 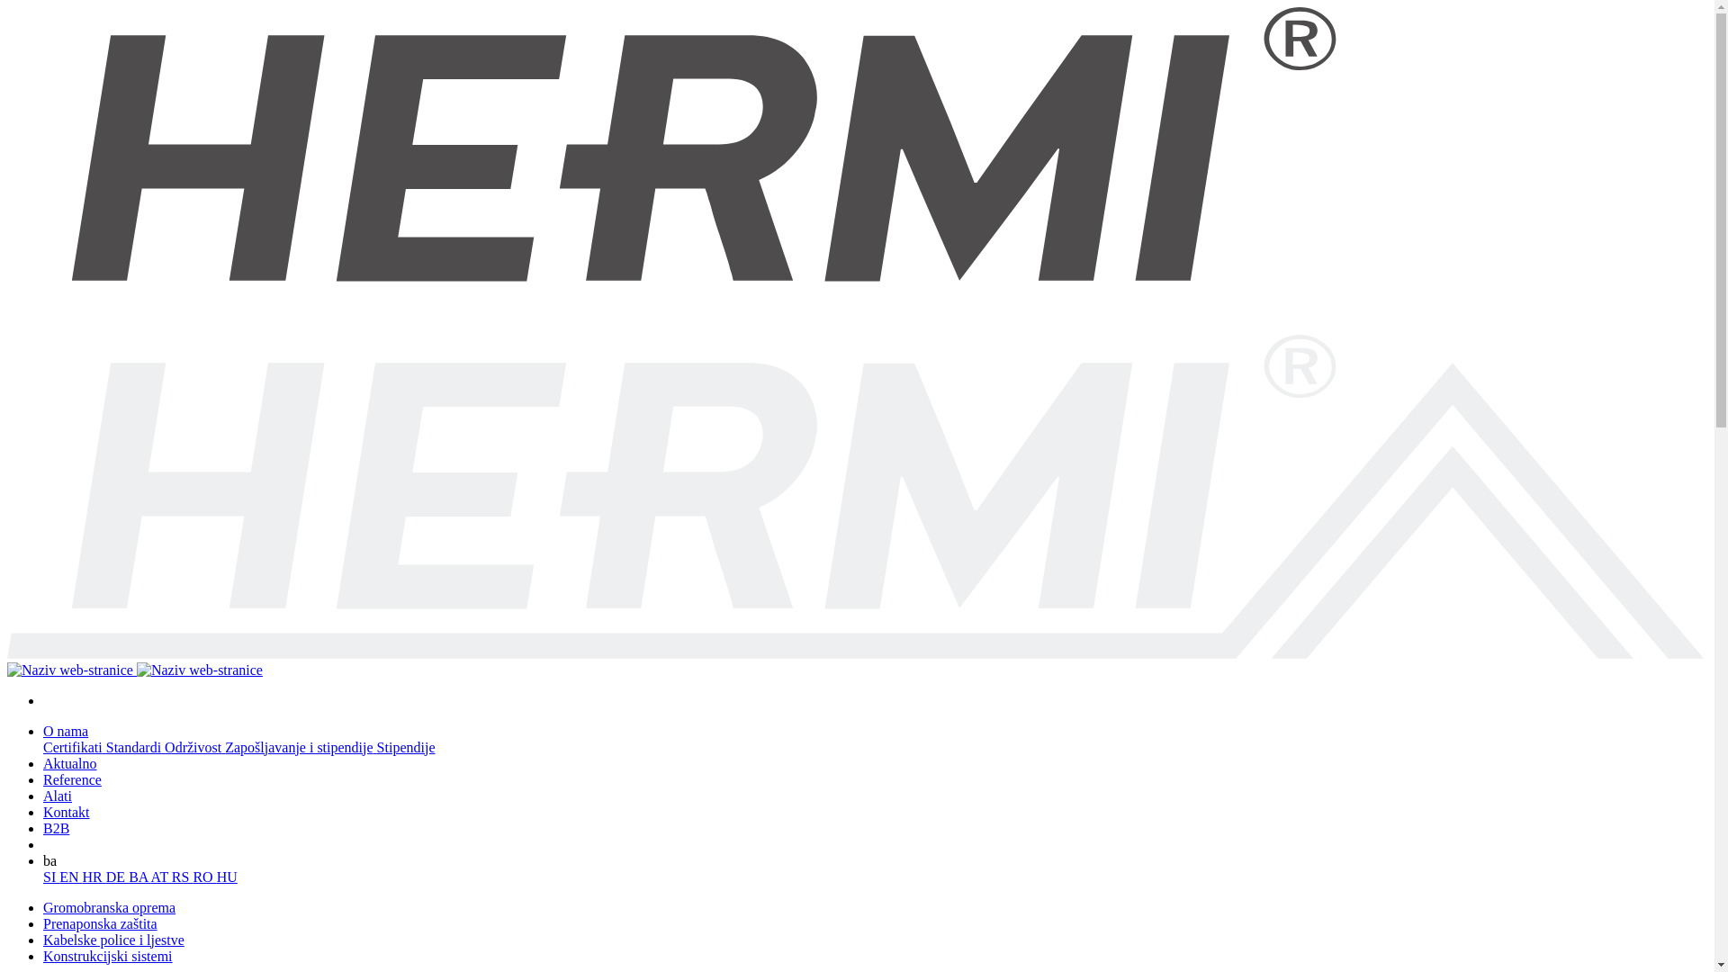 I want to click on 'AT', so click(x=161, y=876).